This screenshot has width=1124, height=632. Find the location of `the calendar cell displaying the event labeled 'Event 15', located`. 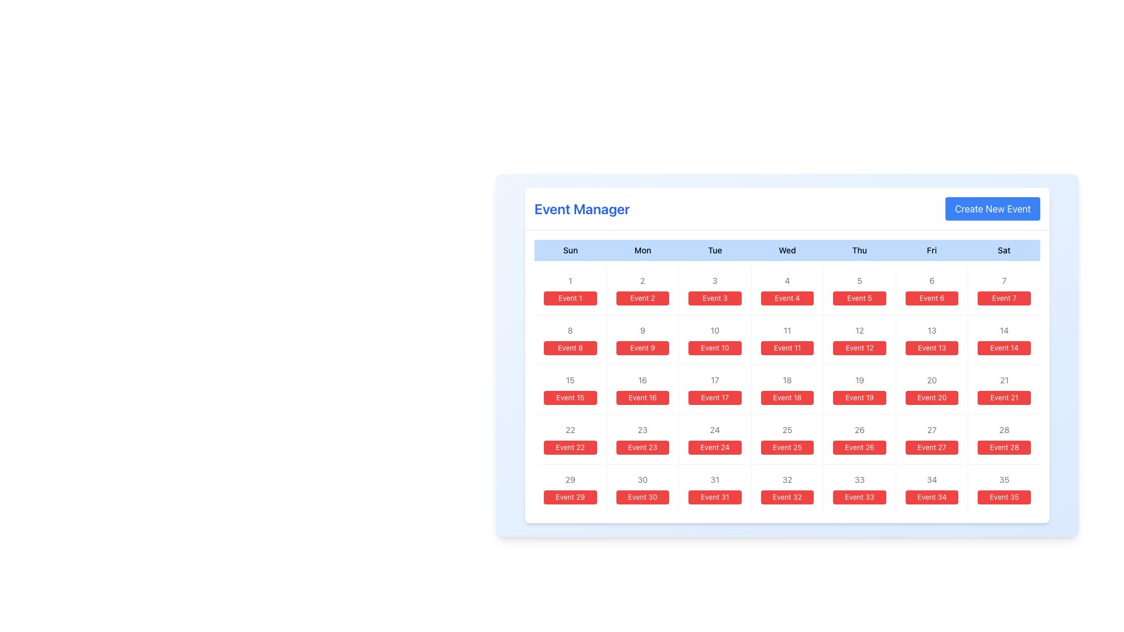

the calendar cell displaying the event labeled 'Event 15', located is located at coordinates (570, 390).